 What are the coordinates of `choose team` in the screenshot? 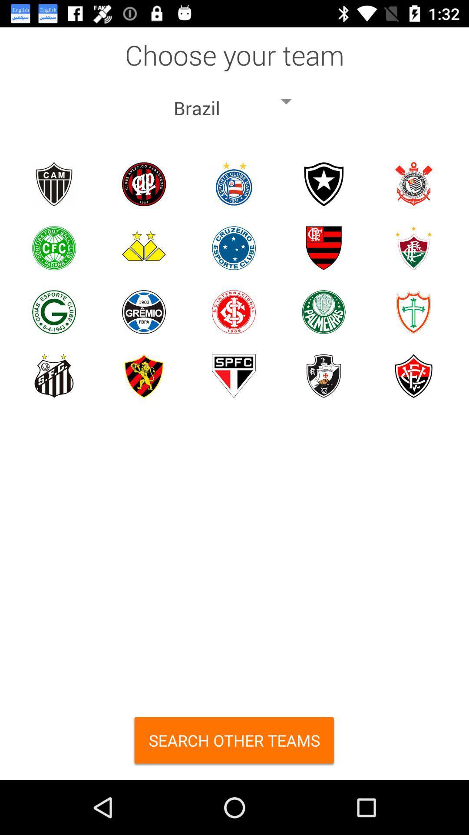 It's located at (54, 312).